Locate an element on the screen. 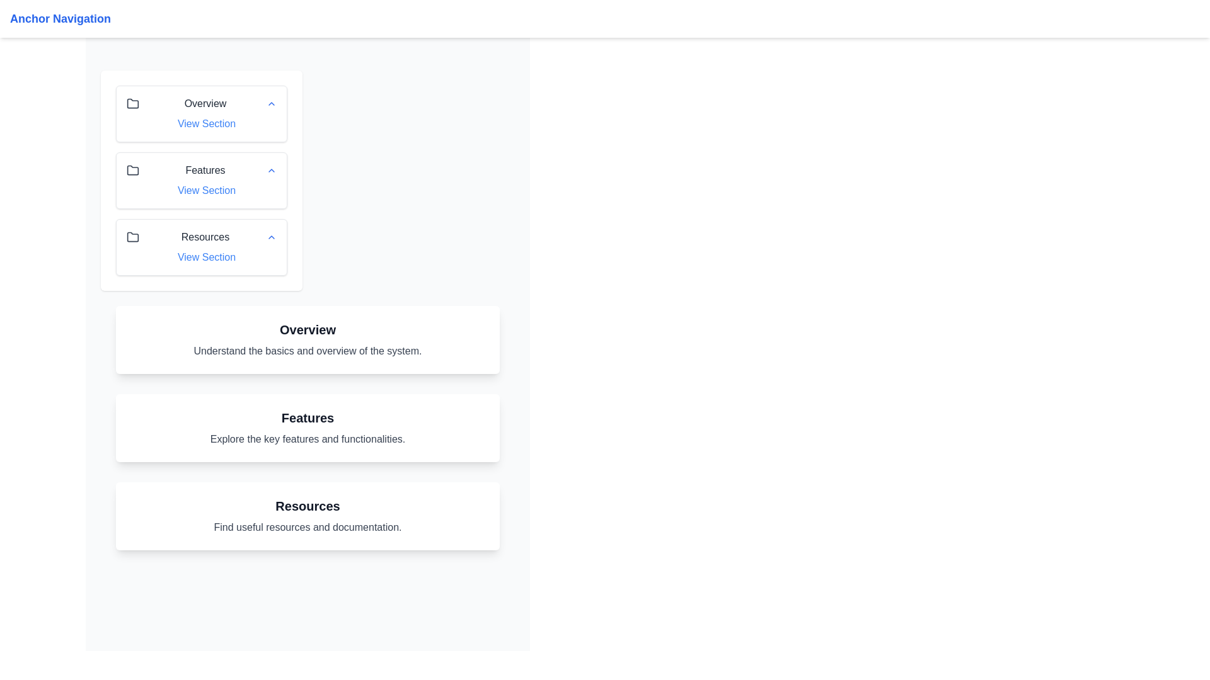  the hyperlink that navigates to the 'Overview' section, which is the first item in the vertically stacked navigation menu under the heading 'Overview' is located at coordinates (202, 123).